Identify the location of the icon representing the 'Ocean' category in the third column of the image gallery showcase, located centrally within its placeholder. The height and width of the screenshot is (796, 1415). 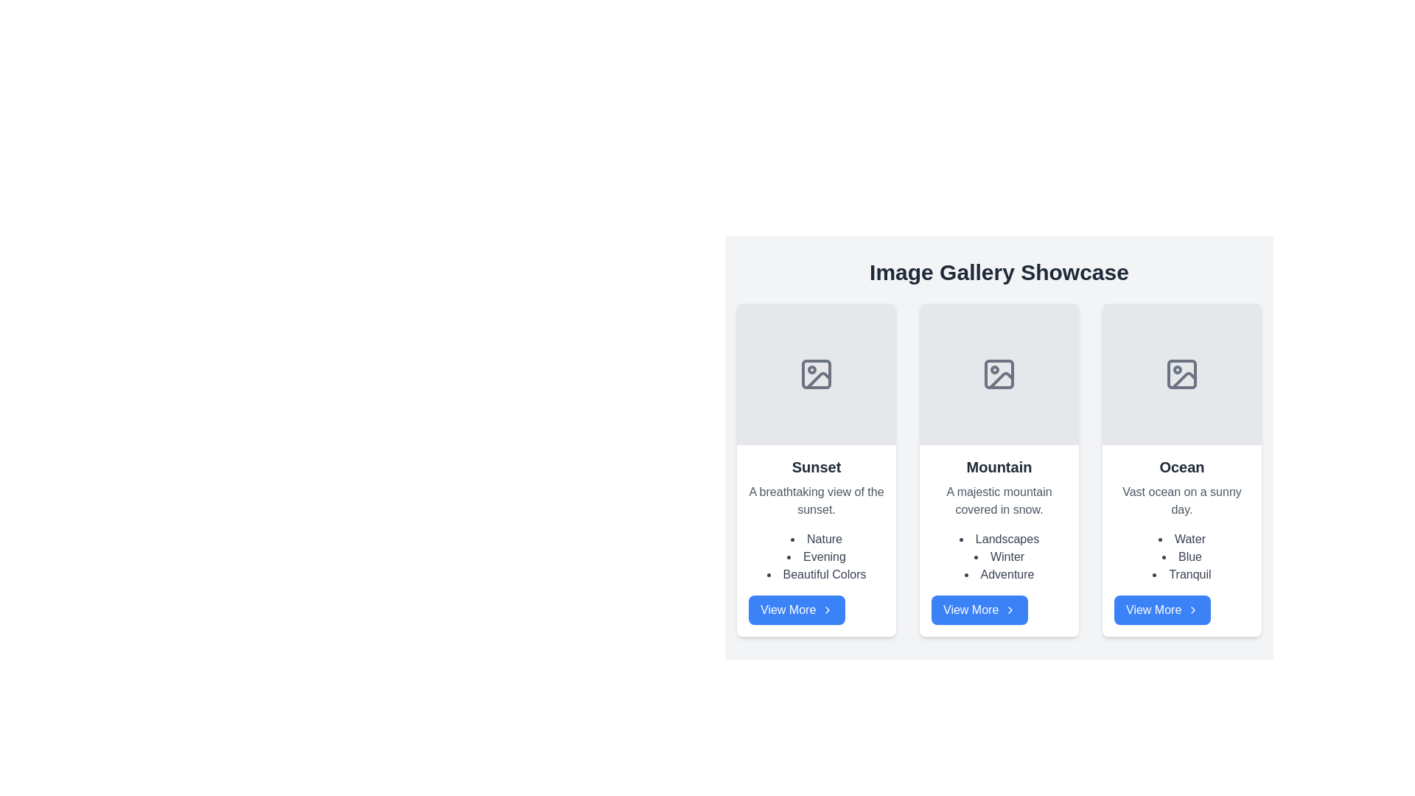
(1181, 374).